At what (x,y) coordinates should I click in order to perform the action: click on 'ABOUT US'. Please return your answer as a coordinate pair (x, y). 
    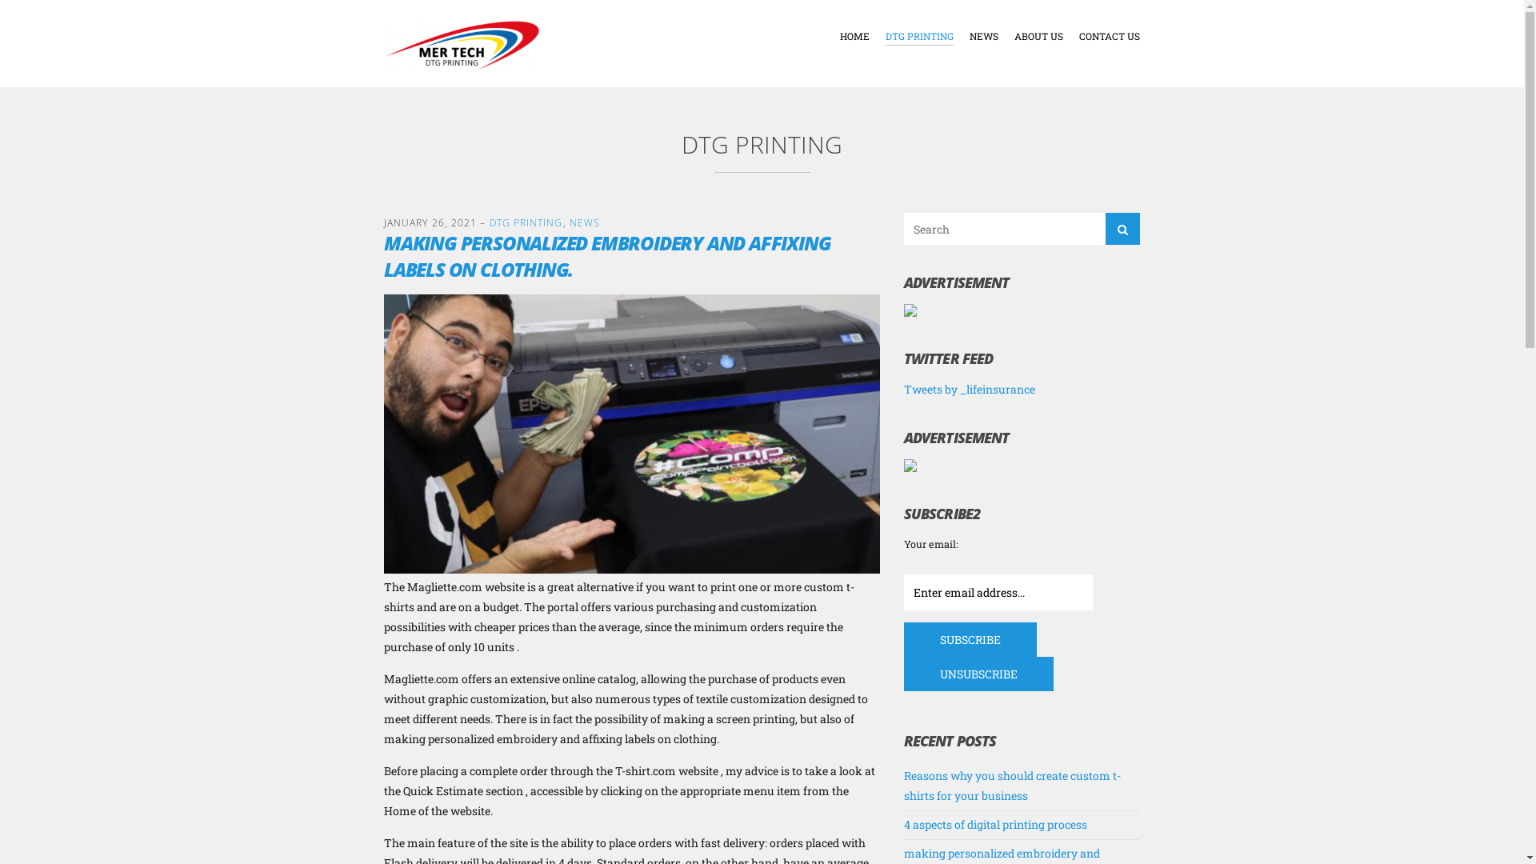
    Looking at the image, I should click on (1038, 36).